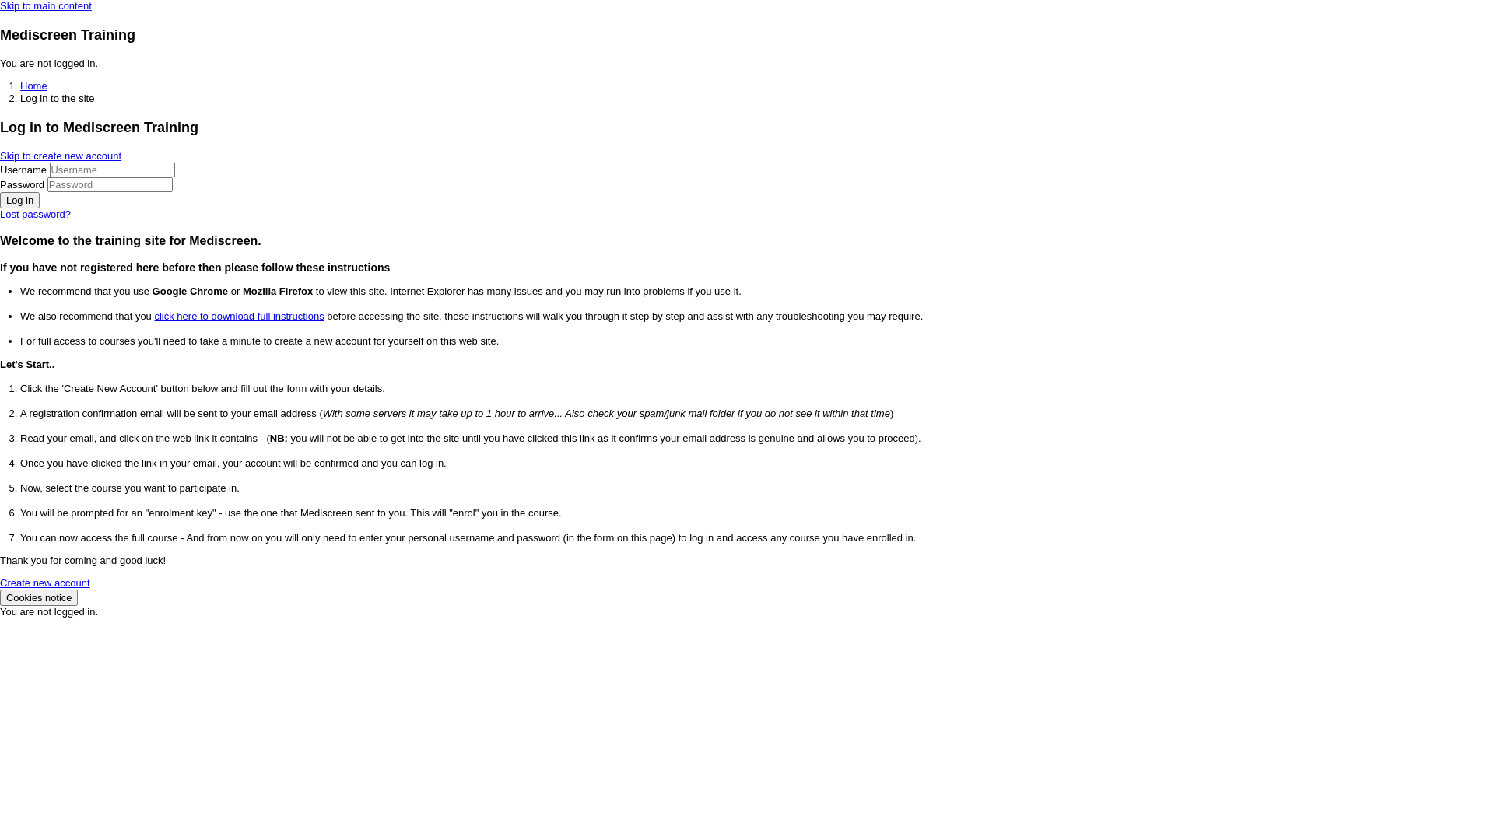 The width and height of the screenshot is (1494, 840). Describe the element at coordinates (60, 156) in the screenshot. I see `'Skip to create new account'` at that location.